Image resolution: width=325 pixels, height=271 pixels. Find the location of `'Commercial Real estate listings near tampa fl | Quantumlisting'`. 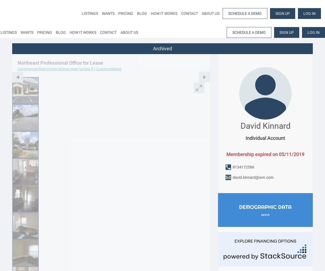

'Commercial Real estate listings near tampa fl | Quantumlisting' is located at coordinates (69, 69).